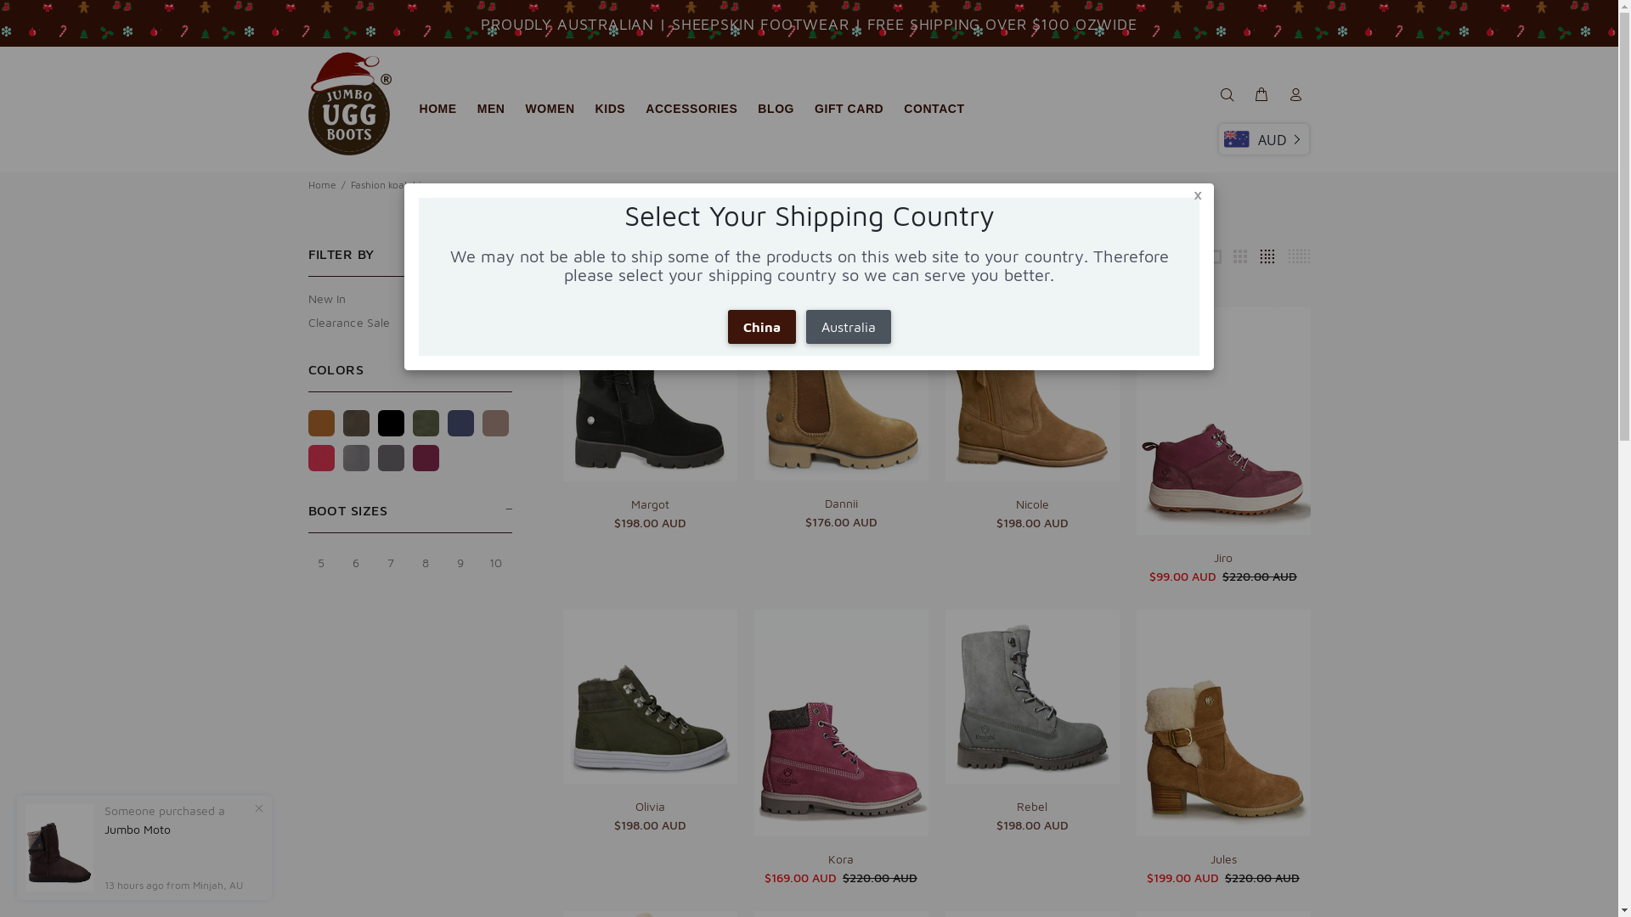 The image size is (1631, 917). Describe the element at coordinates (320, 457) in the screenshot. I see `'Jester red'` at that location.